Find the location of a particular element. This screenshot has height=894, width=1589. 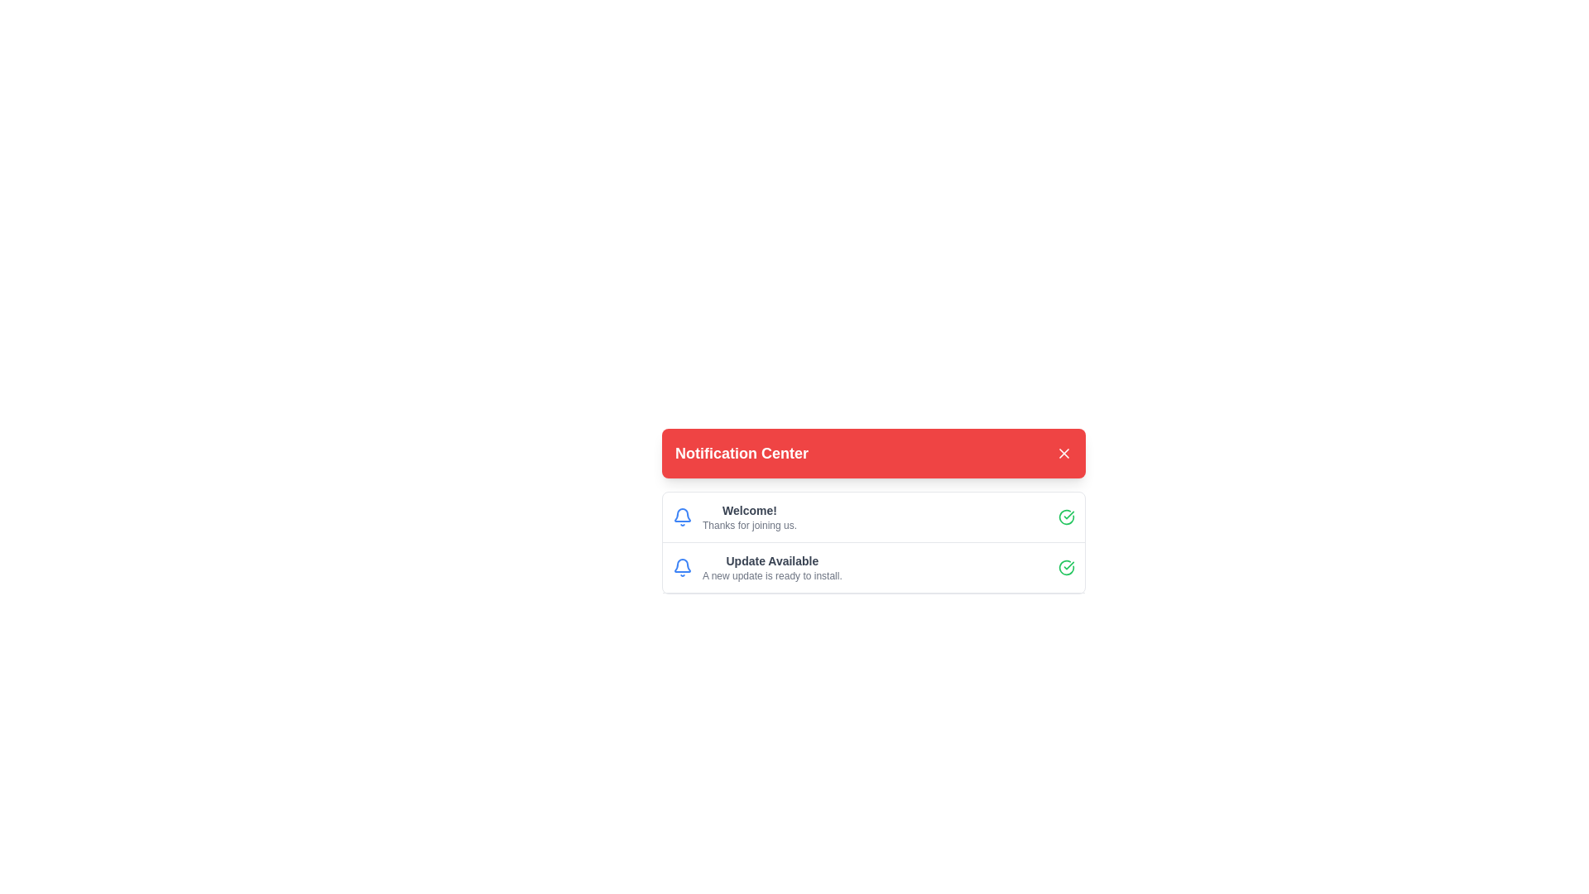

the static text located in the lower section of the notification box titled 'Notification Center', specifically the second line under the 'Update Available' heading is located at coordinates (771, 574).